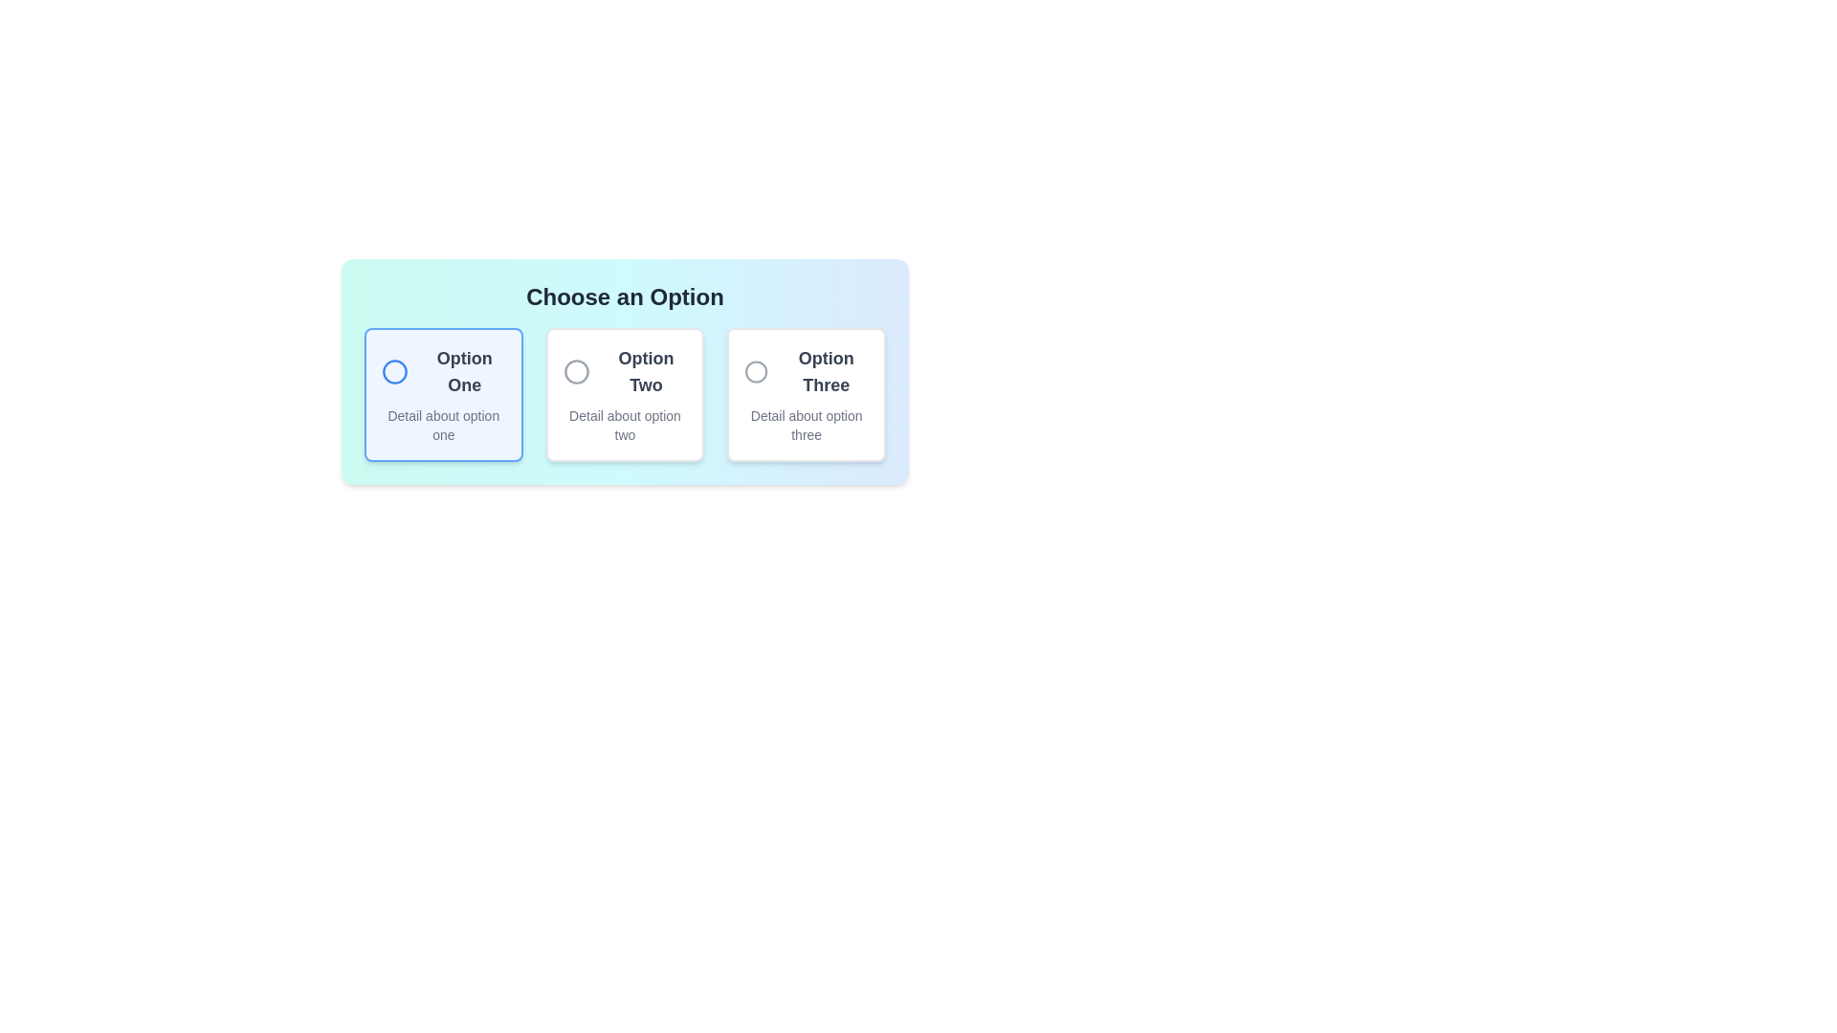 The image size is (1837, 1033). What do you see at coordinates (646, 372) in the screenshot?
I see `the text label displaying 'Option Two' in bold, dark gray font, located in the center column of the options grouping` at bounding box center [646, 372].